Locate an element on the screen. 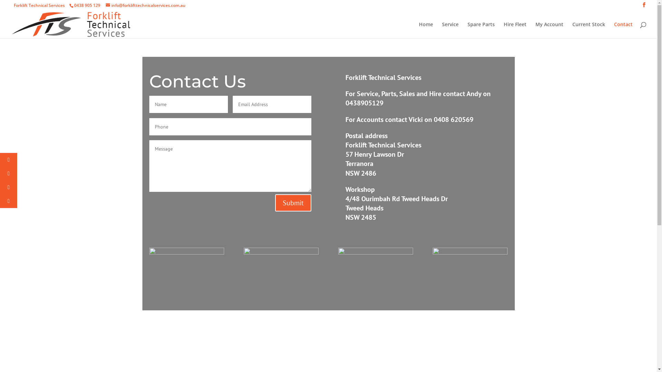 The image size is (662, 372). 'Image-2 (2)' is located at coordinates (470, 252).